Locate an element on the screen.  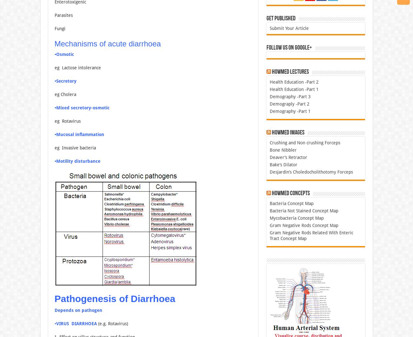
'eg  Rotavirus' is located at coordinates (67, 121).